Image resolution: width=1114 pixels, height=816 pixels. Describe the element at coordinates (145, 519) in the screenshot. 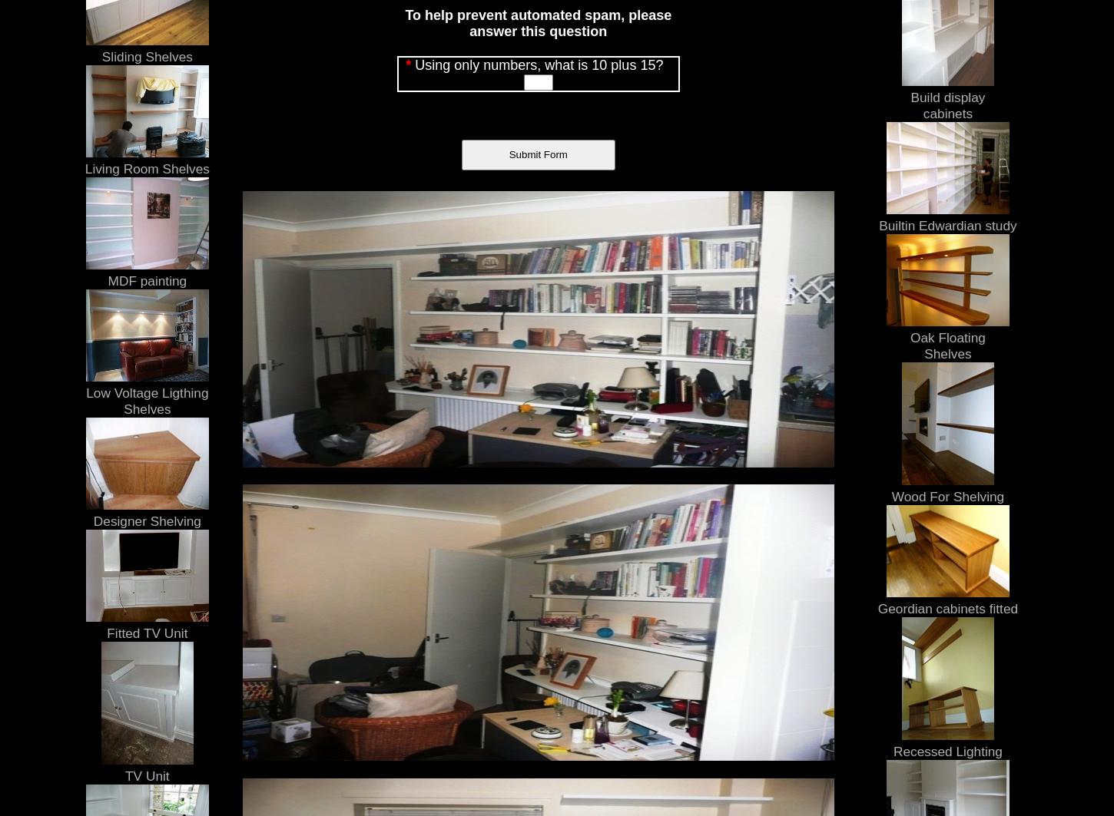

I see `'Designer Shelving'` at that location.